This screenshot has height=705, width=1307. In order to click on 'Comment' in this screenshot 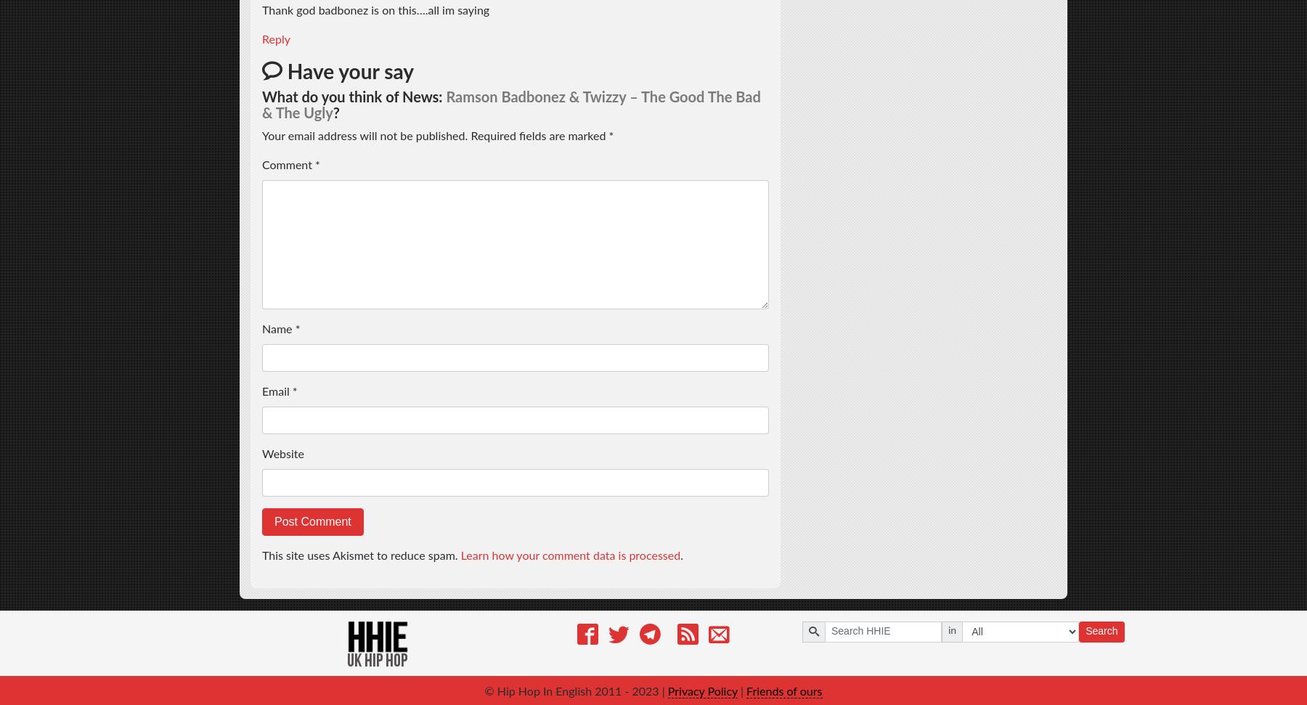, I will do `click(262, 165)`.